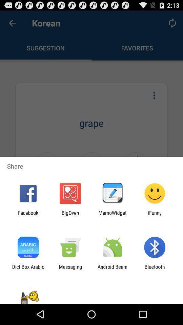 This screenshot has width=183, height=325. Describe the element at coordinates (70, 215) in the screenshot. I see `the icon next to the facebook` at that location.